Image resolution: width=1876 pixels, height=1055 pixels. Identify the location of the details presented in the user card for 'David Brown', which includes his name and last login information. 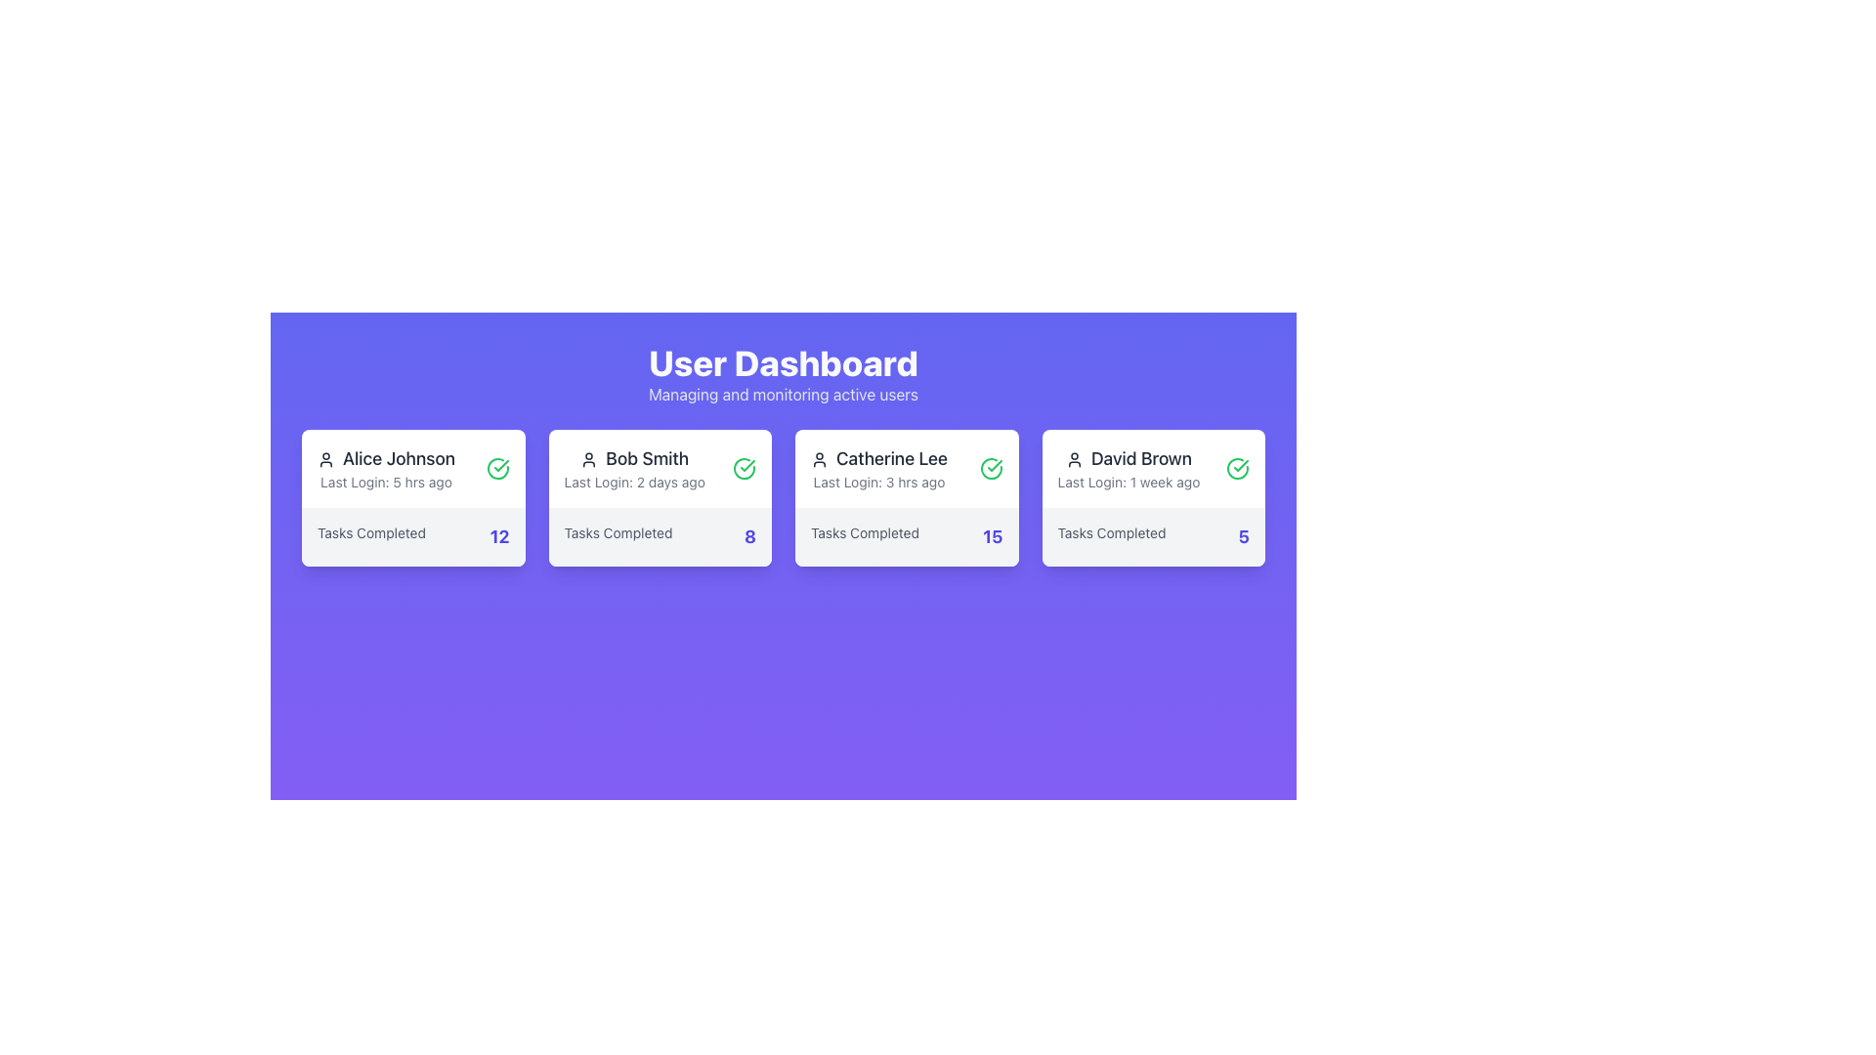
(1153, 468).